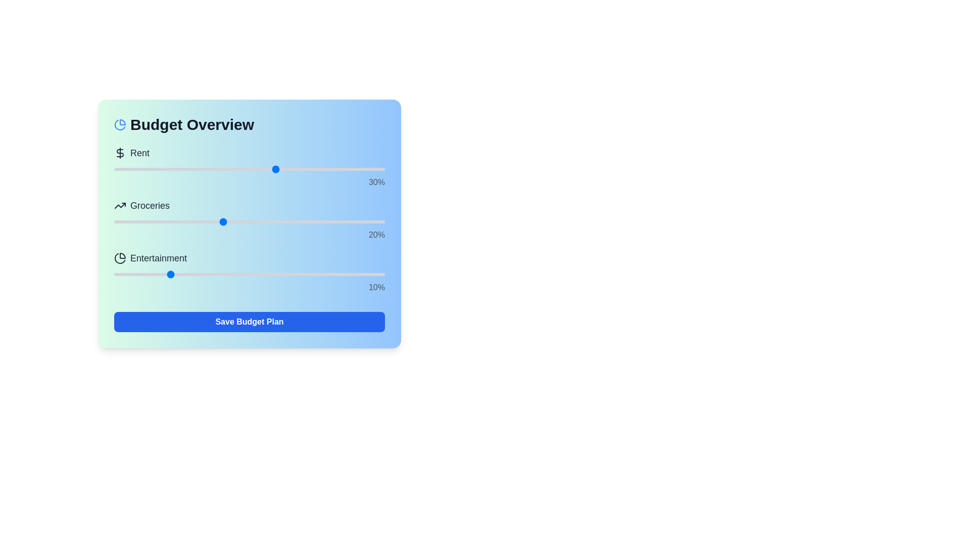 The width and height of the screenshot is (970, 546). Describe the element at coordinates (120, 205) in the screenshot. I see `the decorative icon representing statistical data for the 'Groceries' category, located to the left of the 'Groceries' label` at that location.